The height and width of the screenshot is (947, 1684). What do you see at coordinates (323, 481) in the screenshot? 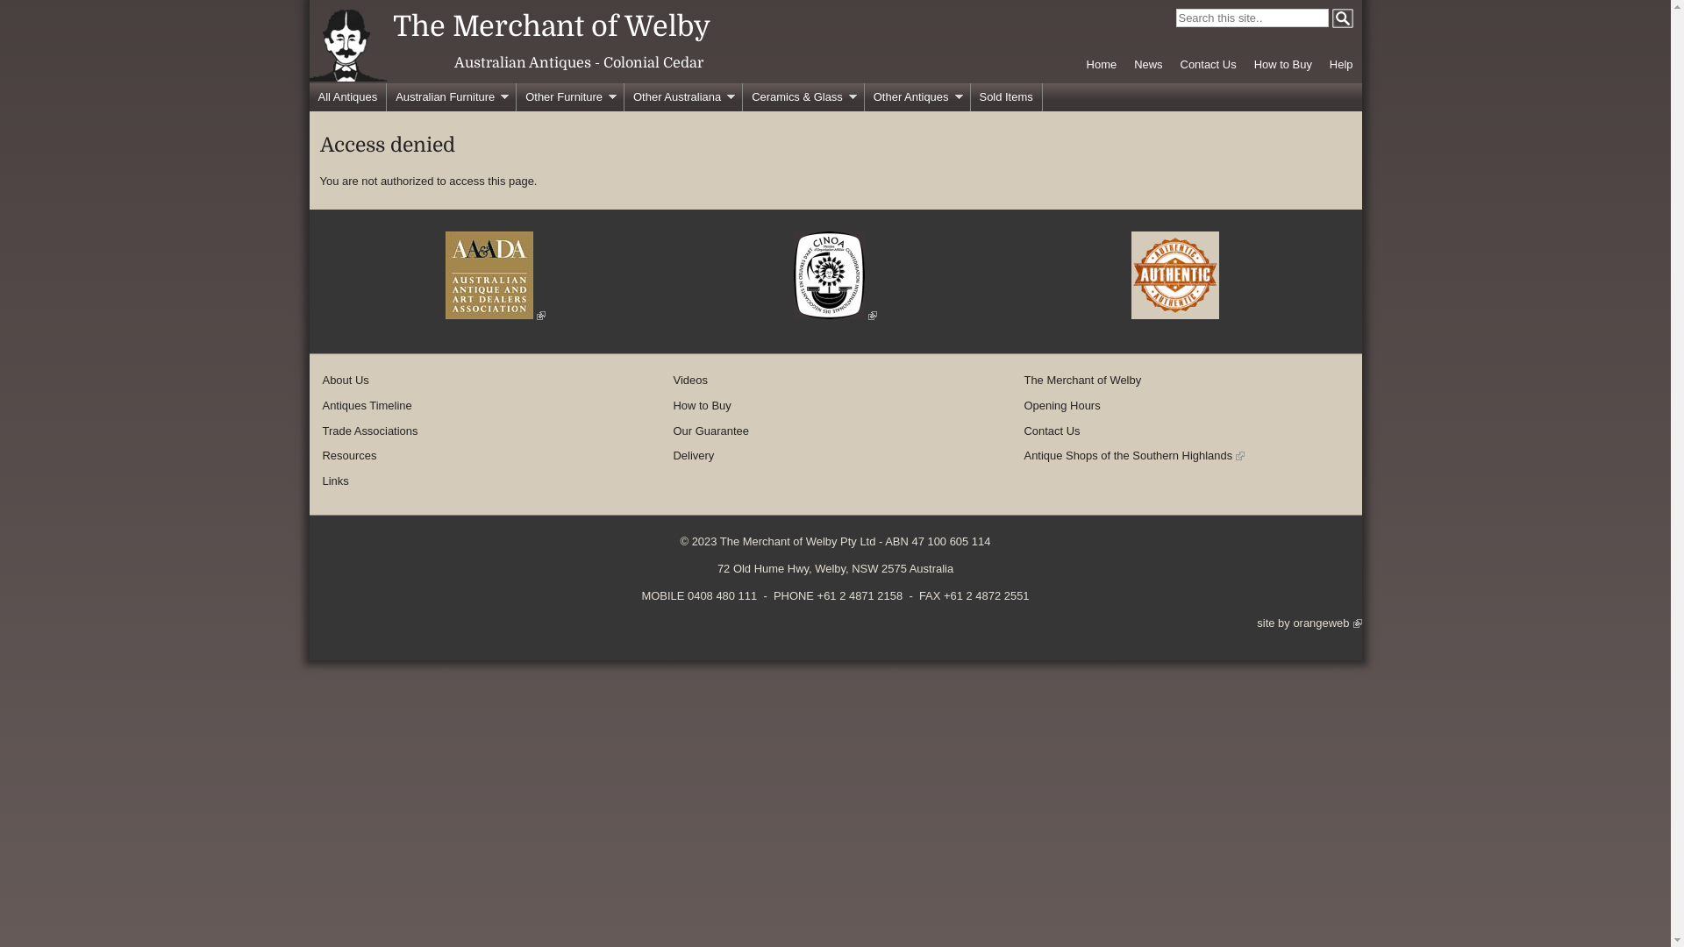
I see `'Links'` at bounding box center [323, 481].